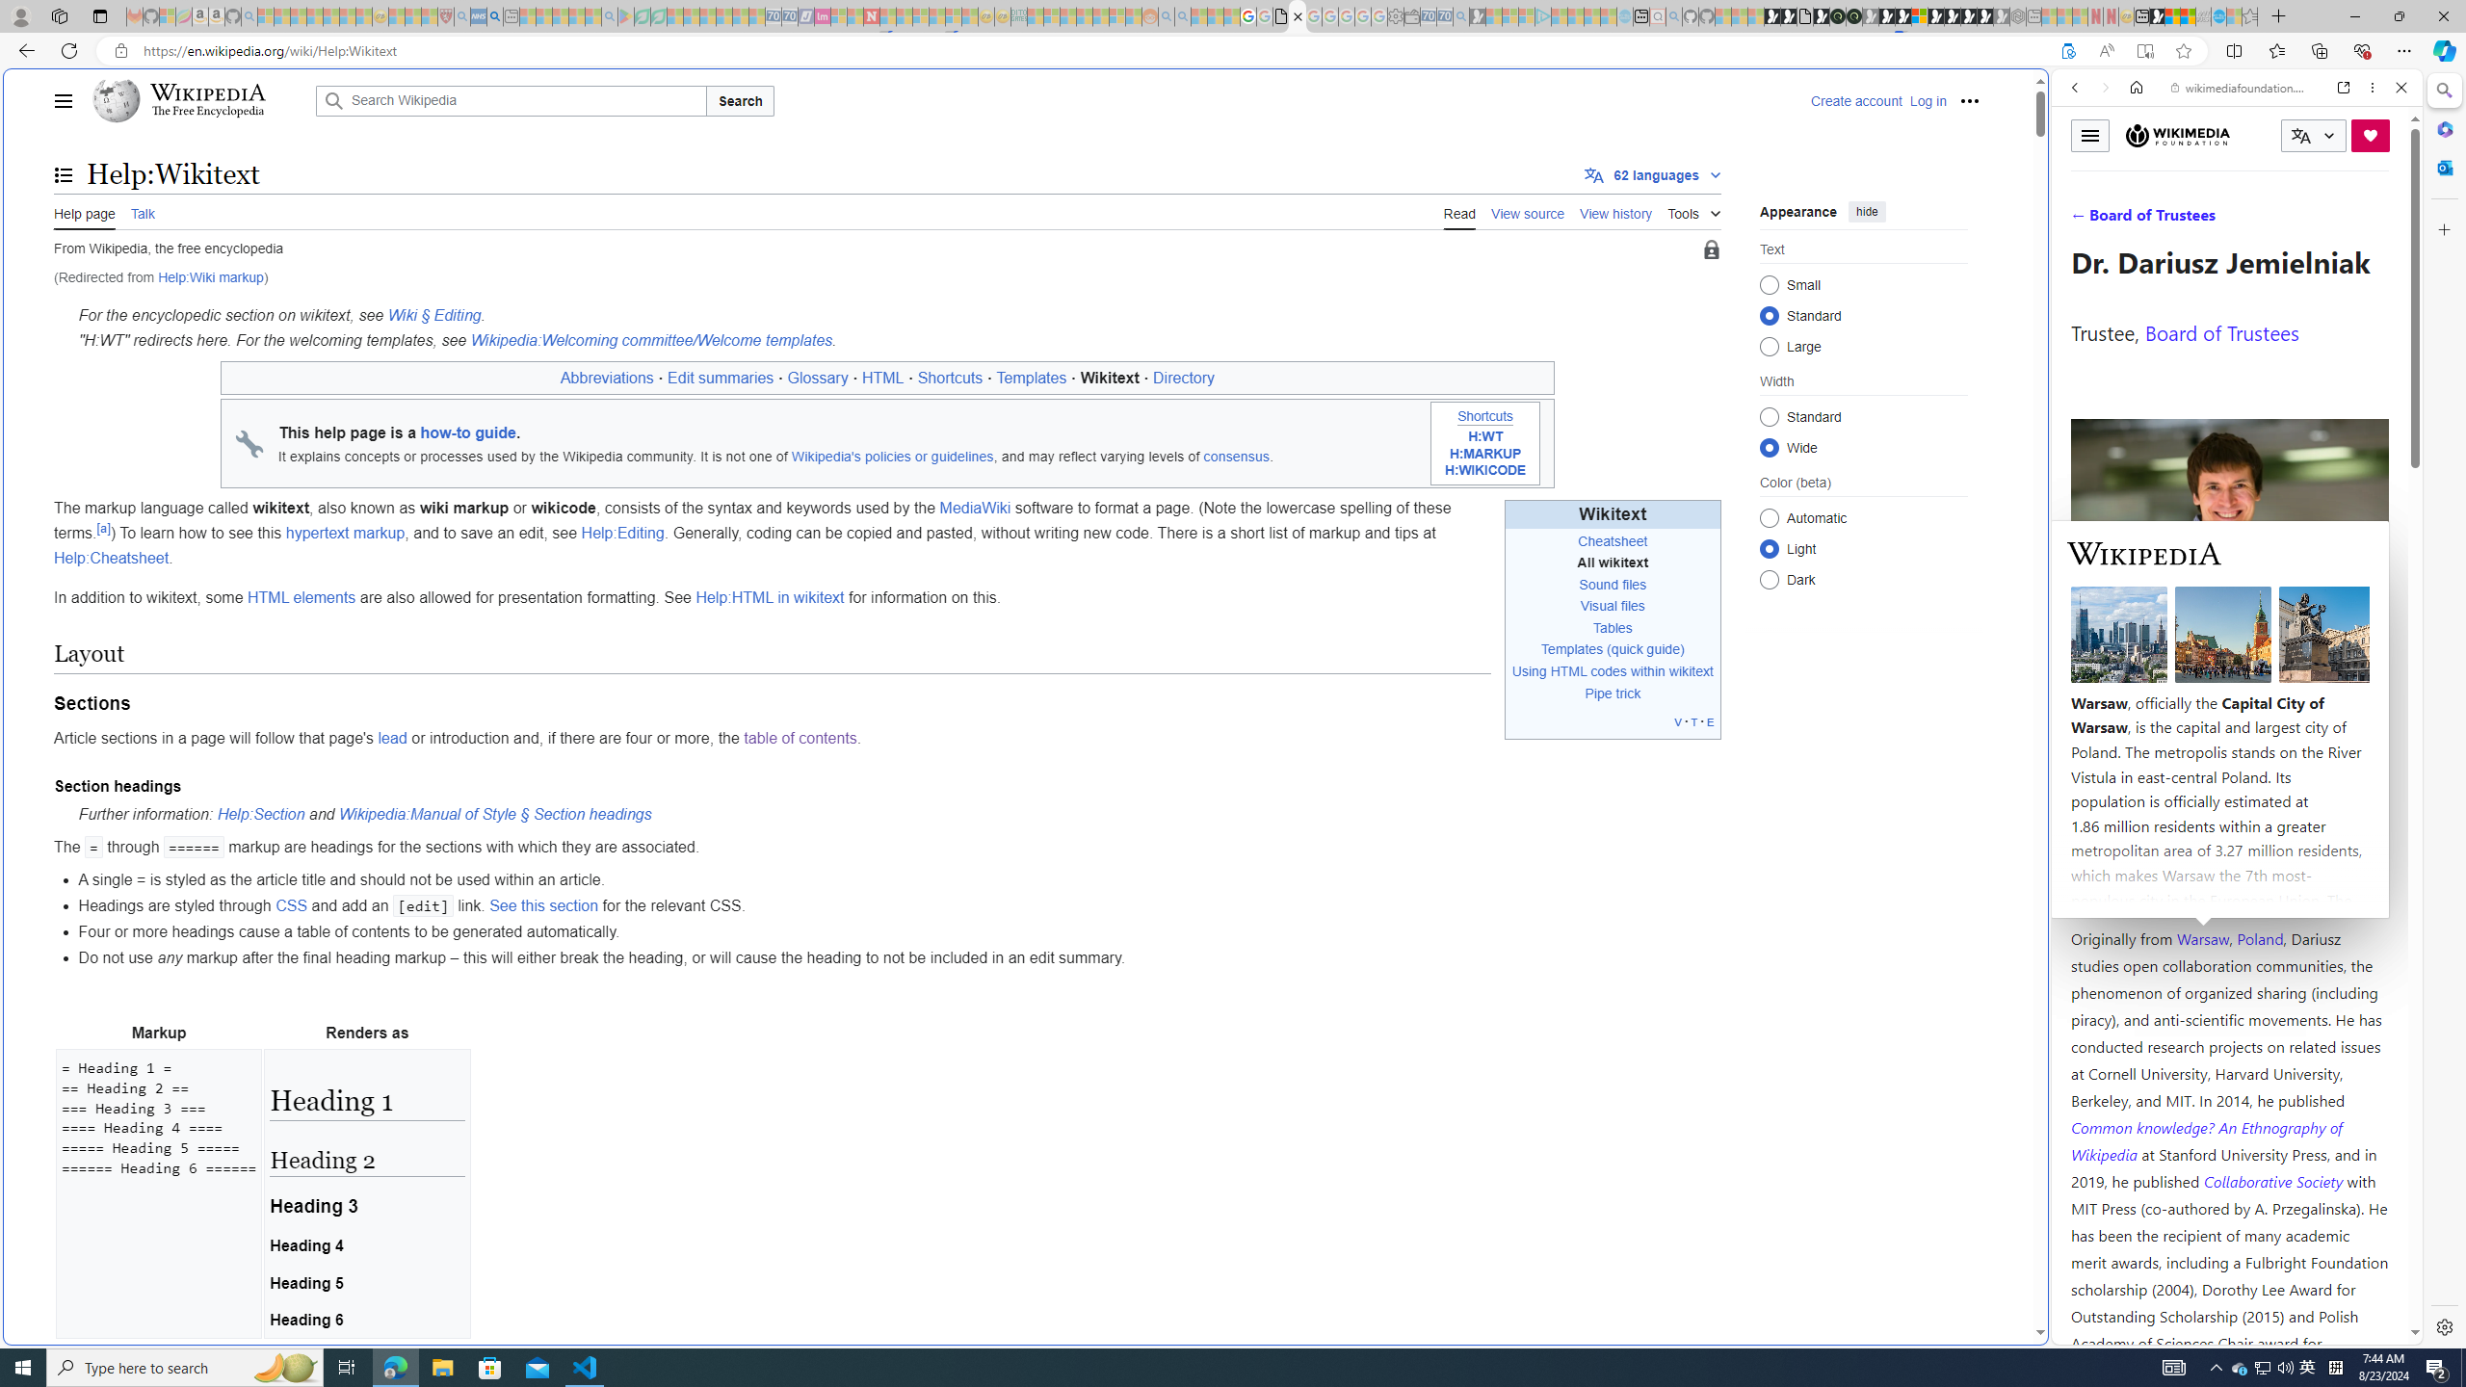 The image size is (2466, 1387). I want to click on 'Class: i icon icon-translate language-switcher__icon', so click(2300, 136).